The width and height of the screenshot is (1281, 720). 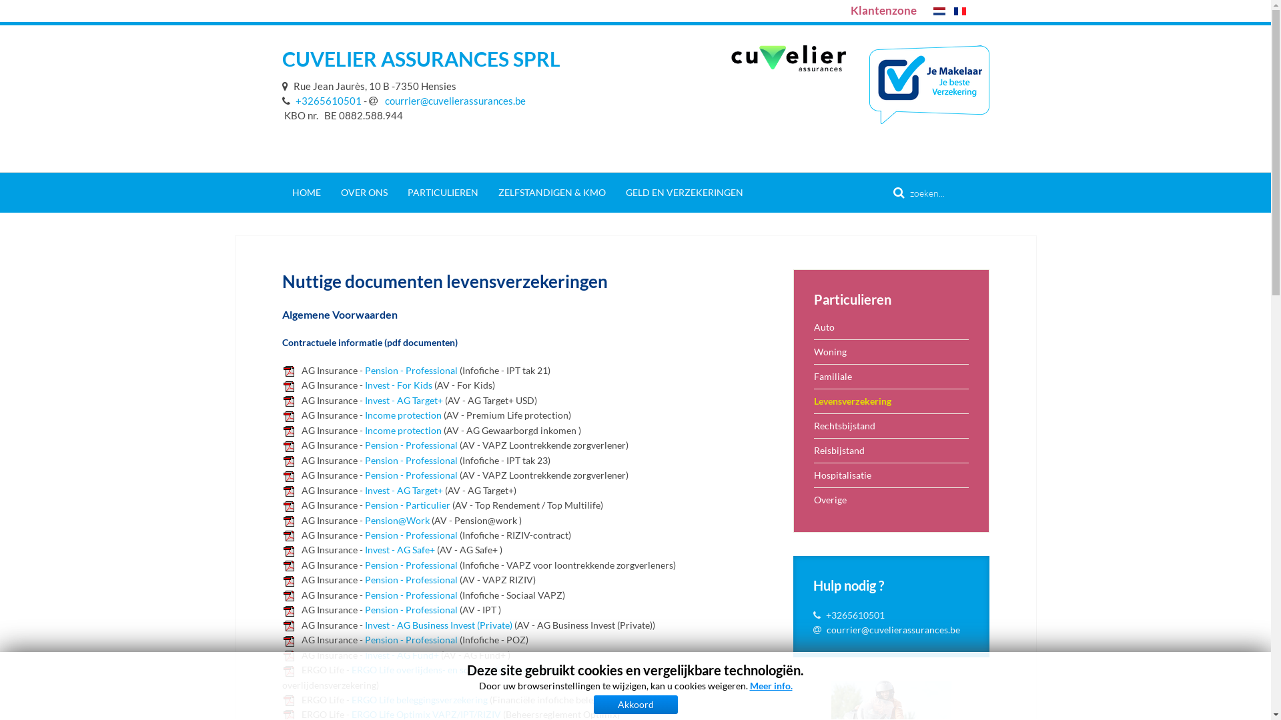 I want to click on 'Woning', so click(x=891, y=351).